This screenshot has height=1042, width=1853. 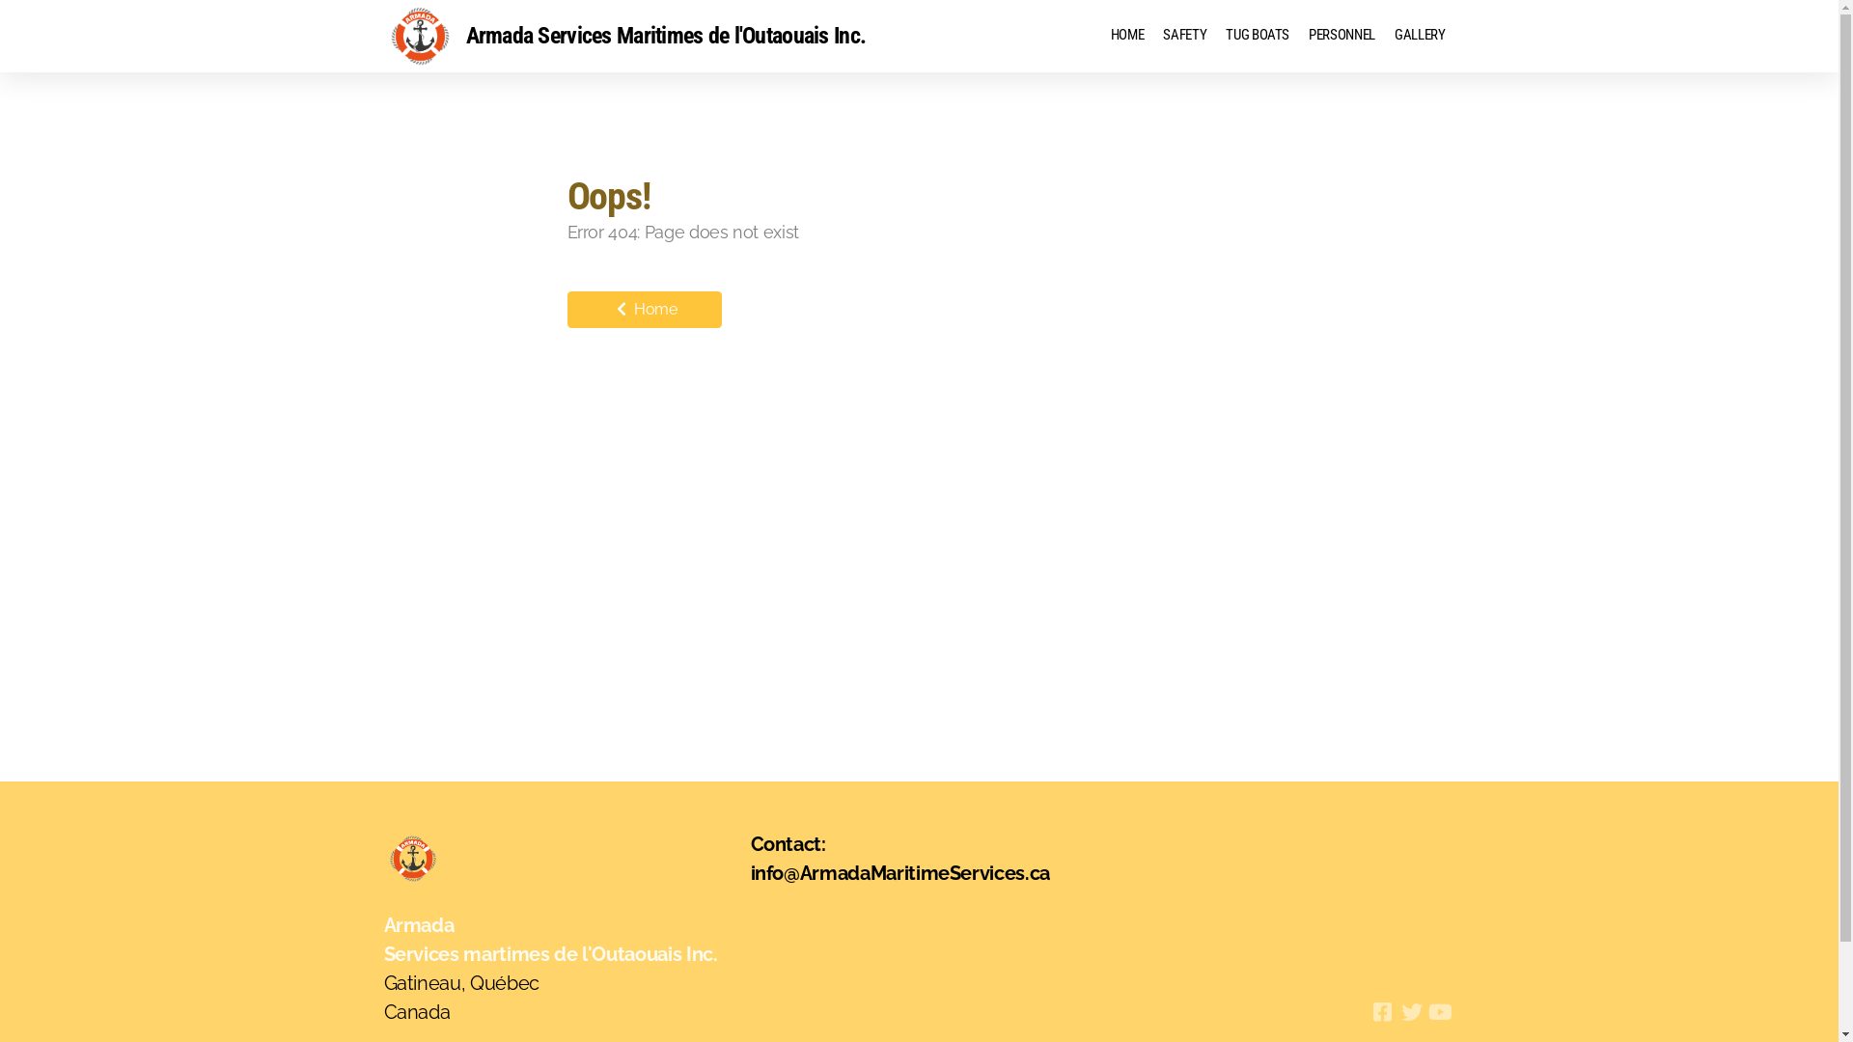 I want to click on 'TUG BOATS', so click(x=1214, y=36).